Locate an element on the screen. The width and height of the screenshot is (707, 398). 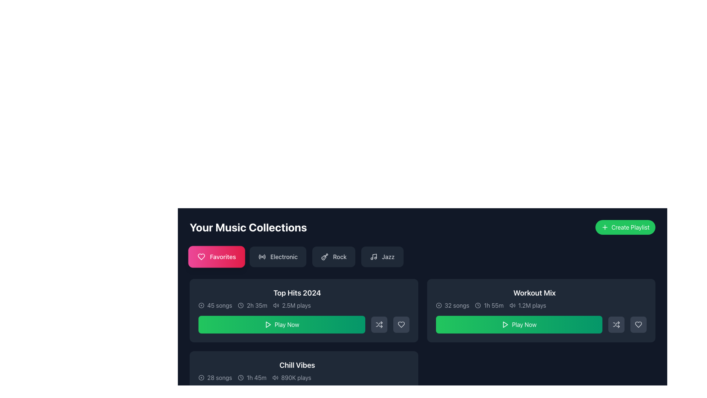
the text and icon combination that indicates the number of songs in the 'Chill Vibes' collection is located at coordinates (215, 378).